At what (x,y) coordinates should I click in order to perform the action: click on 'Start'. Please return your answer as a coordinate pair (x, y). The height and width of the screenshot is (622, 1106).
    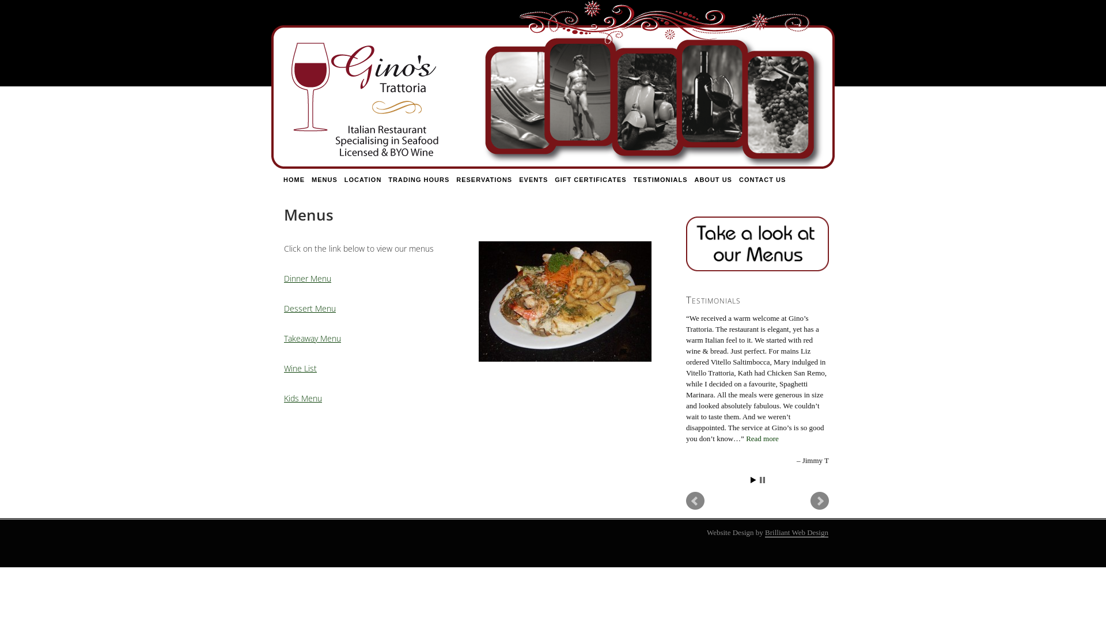
    Looking at the image, I should click on (752, 480).